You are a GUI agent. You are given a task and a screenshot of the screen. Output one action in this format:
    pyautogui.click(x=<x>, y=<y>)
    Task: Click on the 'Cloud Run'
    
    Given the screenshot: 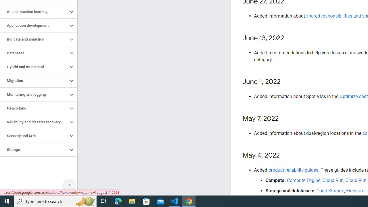 What is the action you would take?
    pyautogui.click(x=333, y=180)
    